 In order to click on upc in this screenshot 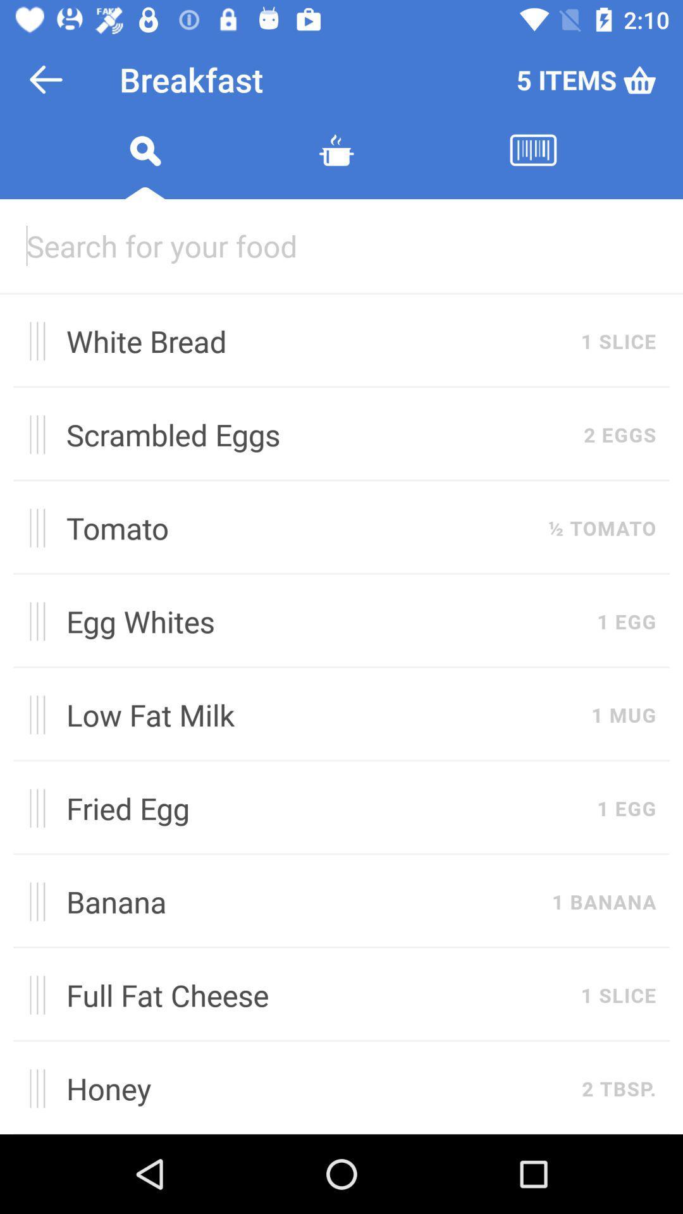, I will do `click(533, 165)`.